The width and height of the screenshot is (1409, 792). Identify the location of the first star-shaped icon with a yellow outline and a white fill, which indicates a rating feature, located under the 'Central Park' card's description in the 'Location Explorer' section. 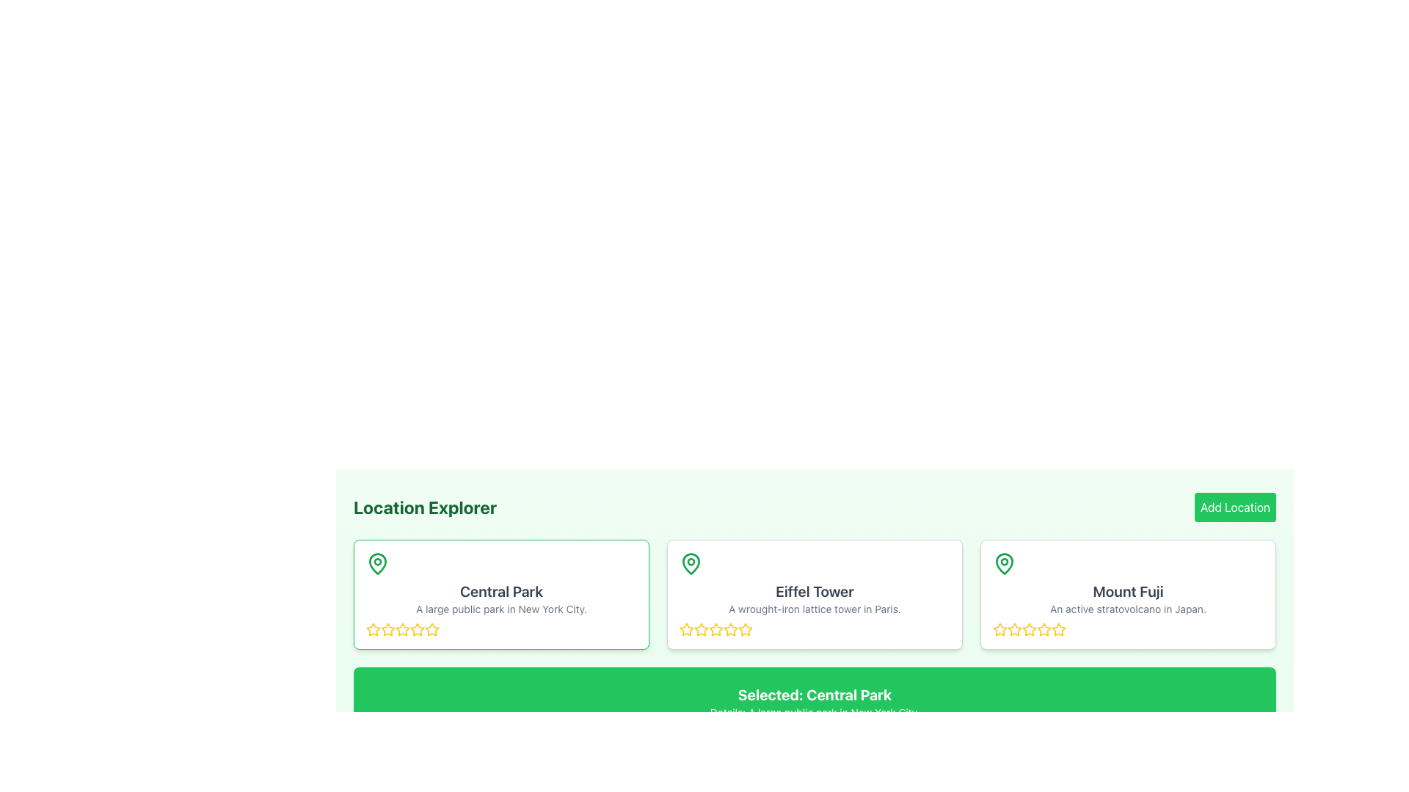
(373, 629).